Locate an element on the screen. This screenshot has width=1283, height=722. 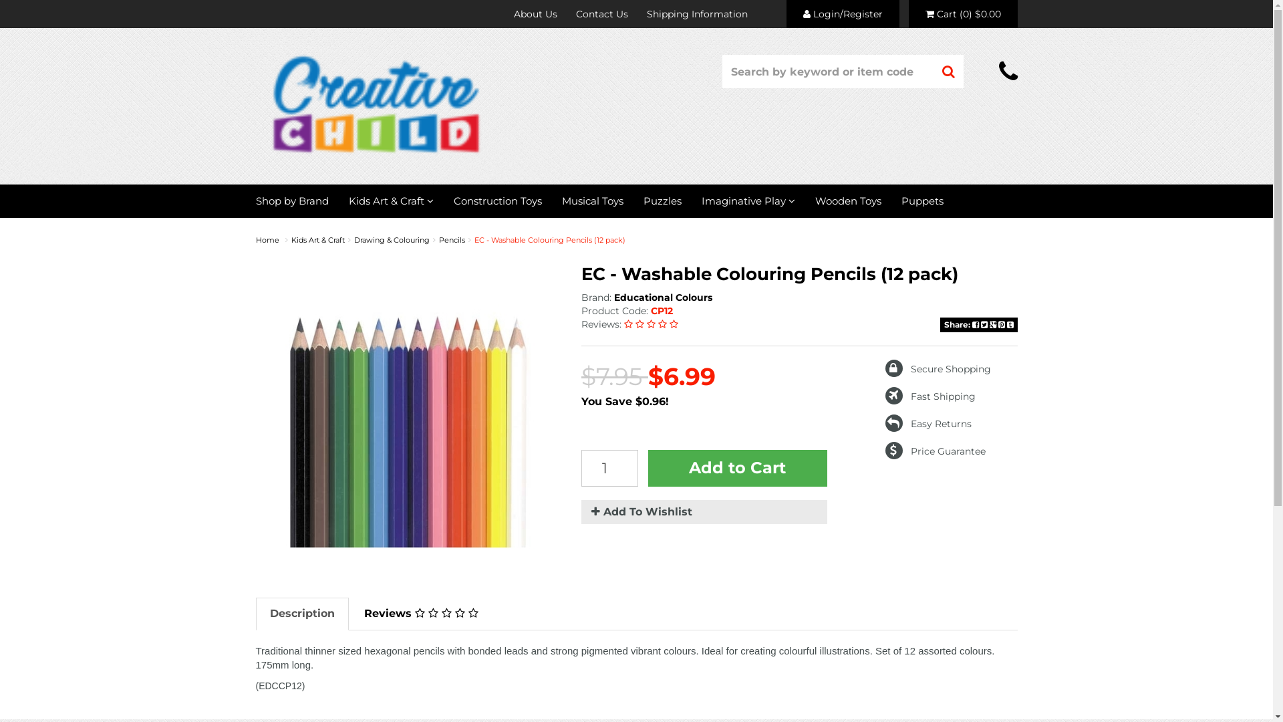
' Secure Shopping' is located at coordinates (937, 368).